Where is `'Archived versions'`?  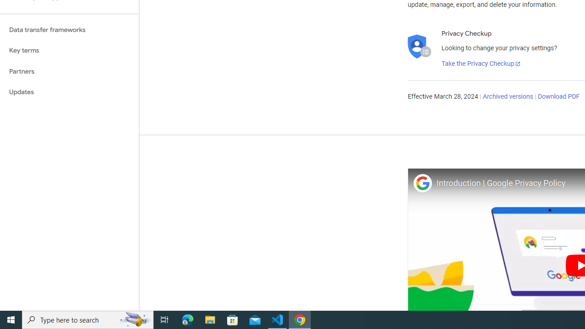 'Archived versions' is located at coordinates (507, 97).